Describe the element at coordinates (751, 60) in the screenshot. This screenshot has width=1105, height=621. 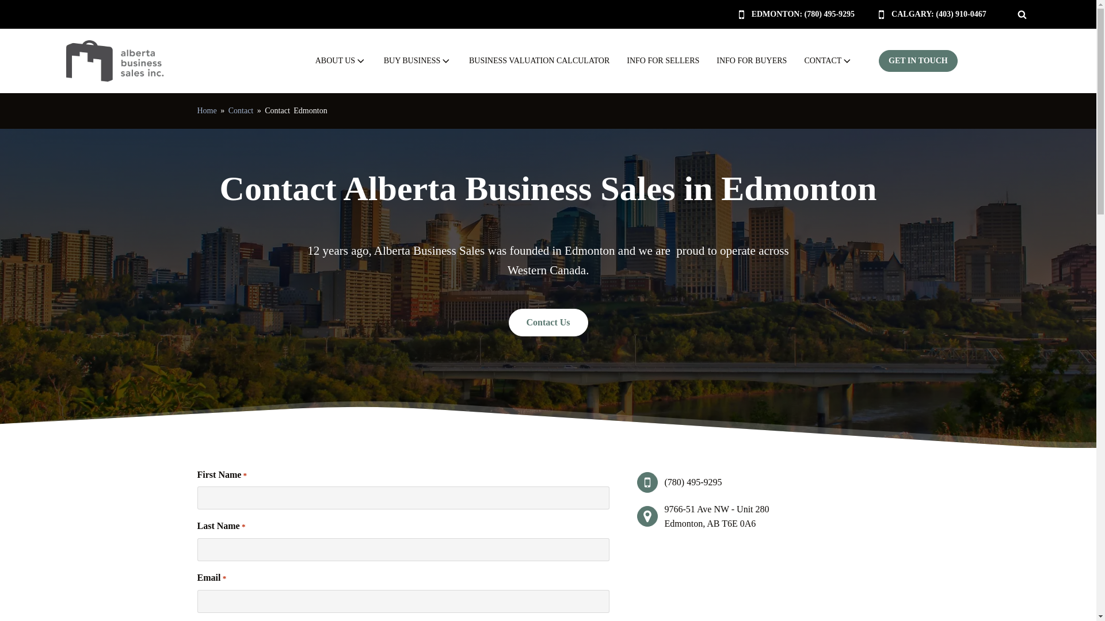
I see `'INFO FOR BUYERS'` at that location.